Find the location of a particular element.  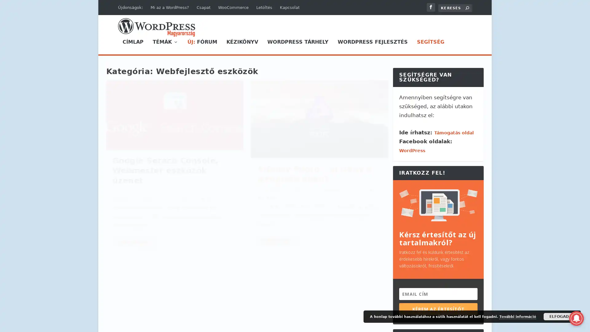

ELFOGAD is located at coordinates (559, 316).